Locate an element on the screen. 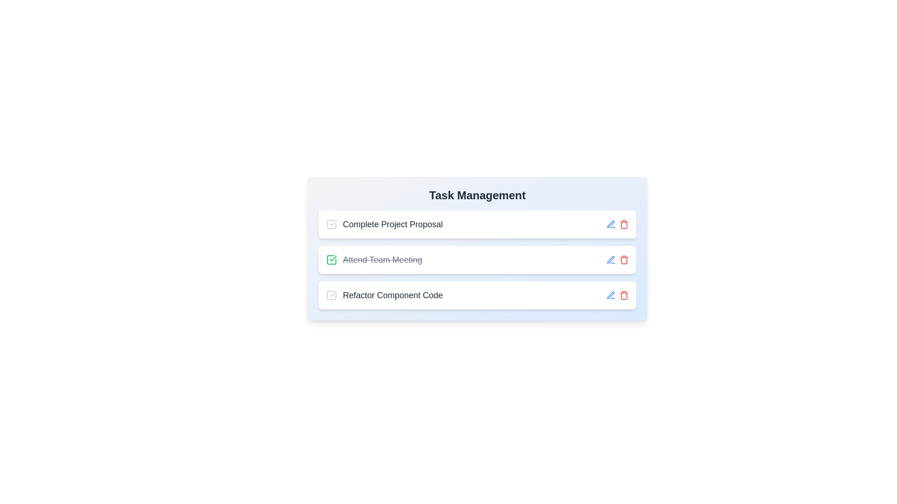  the checkbox of the first task entry in the task management system is located at coordinates (477, 224).